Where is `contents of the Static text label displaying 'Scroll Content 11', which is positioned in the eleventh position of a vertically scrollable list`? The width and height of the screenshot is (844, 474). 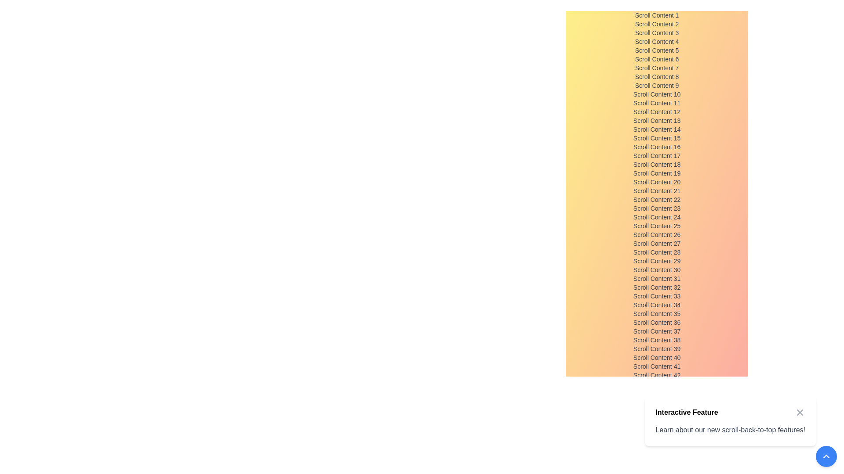
contents of the Static text label displaying 'Scroll Content 11', which is positioned in the eleventh position of a vertically scrollable list is located at coordinates (657, 103).